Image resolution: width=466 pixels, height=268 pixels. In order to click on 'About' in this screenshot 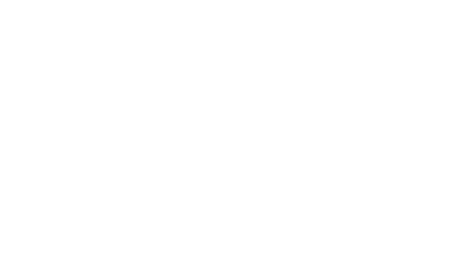, I will do `click(243, 11)`.